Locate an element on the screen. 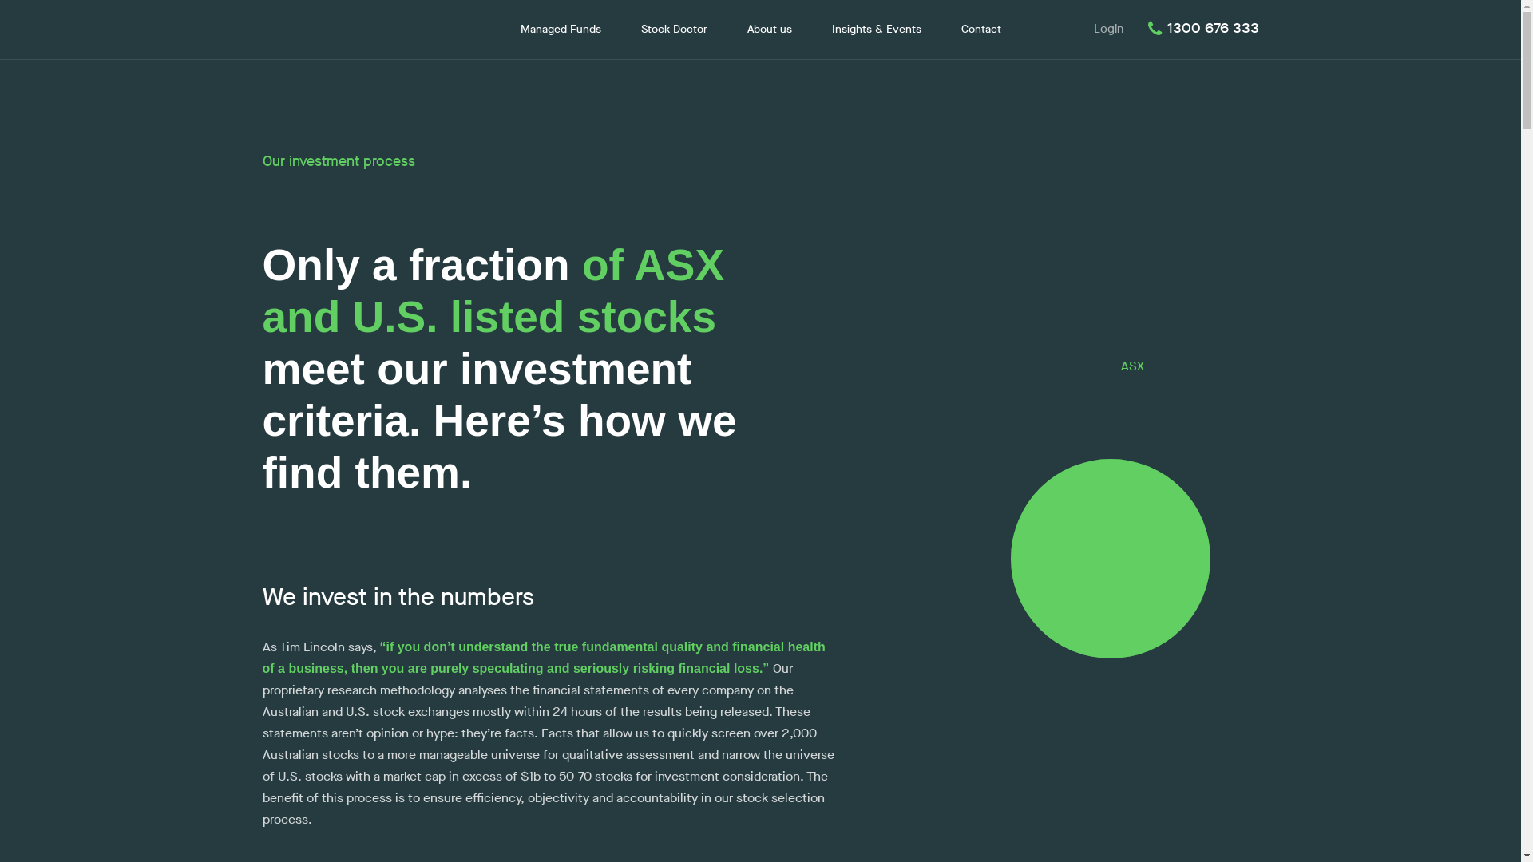 The width and height of the screenshot is (1533, 862). 'Insights & Events' is located at coordinates (876, 30).